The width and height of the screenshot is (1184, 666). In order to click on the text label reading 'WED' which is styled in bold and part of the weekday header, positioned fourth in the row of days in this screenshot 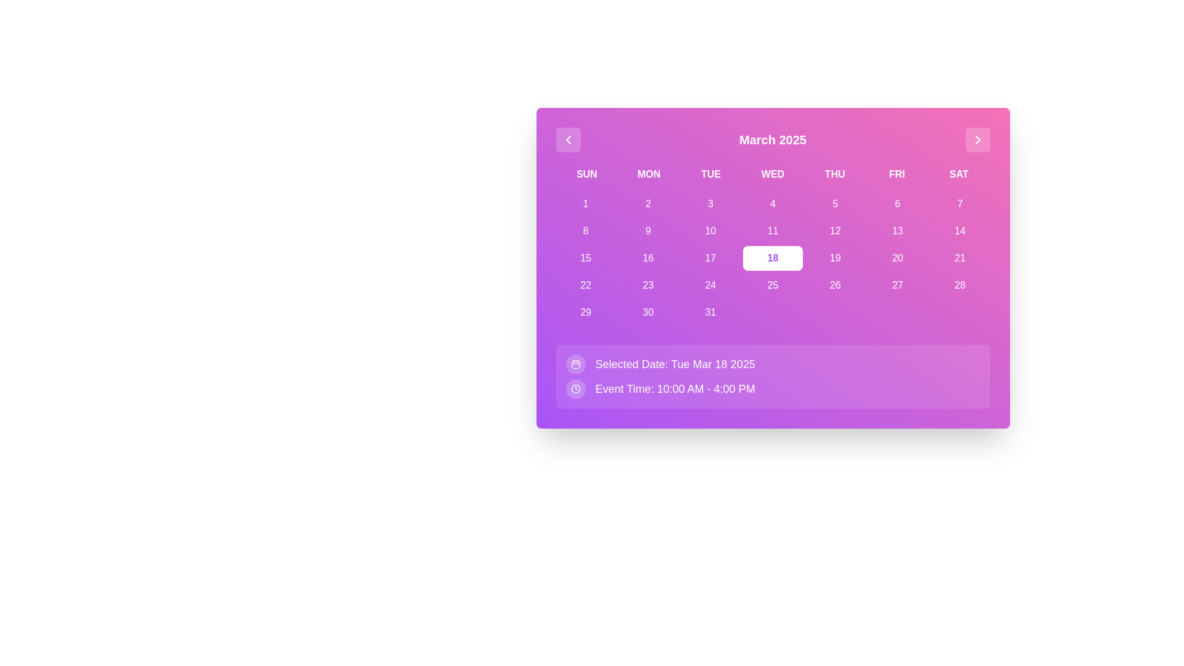, I will do `click(772, 174)`.